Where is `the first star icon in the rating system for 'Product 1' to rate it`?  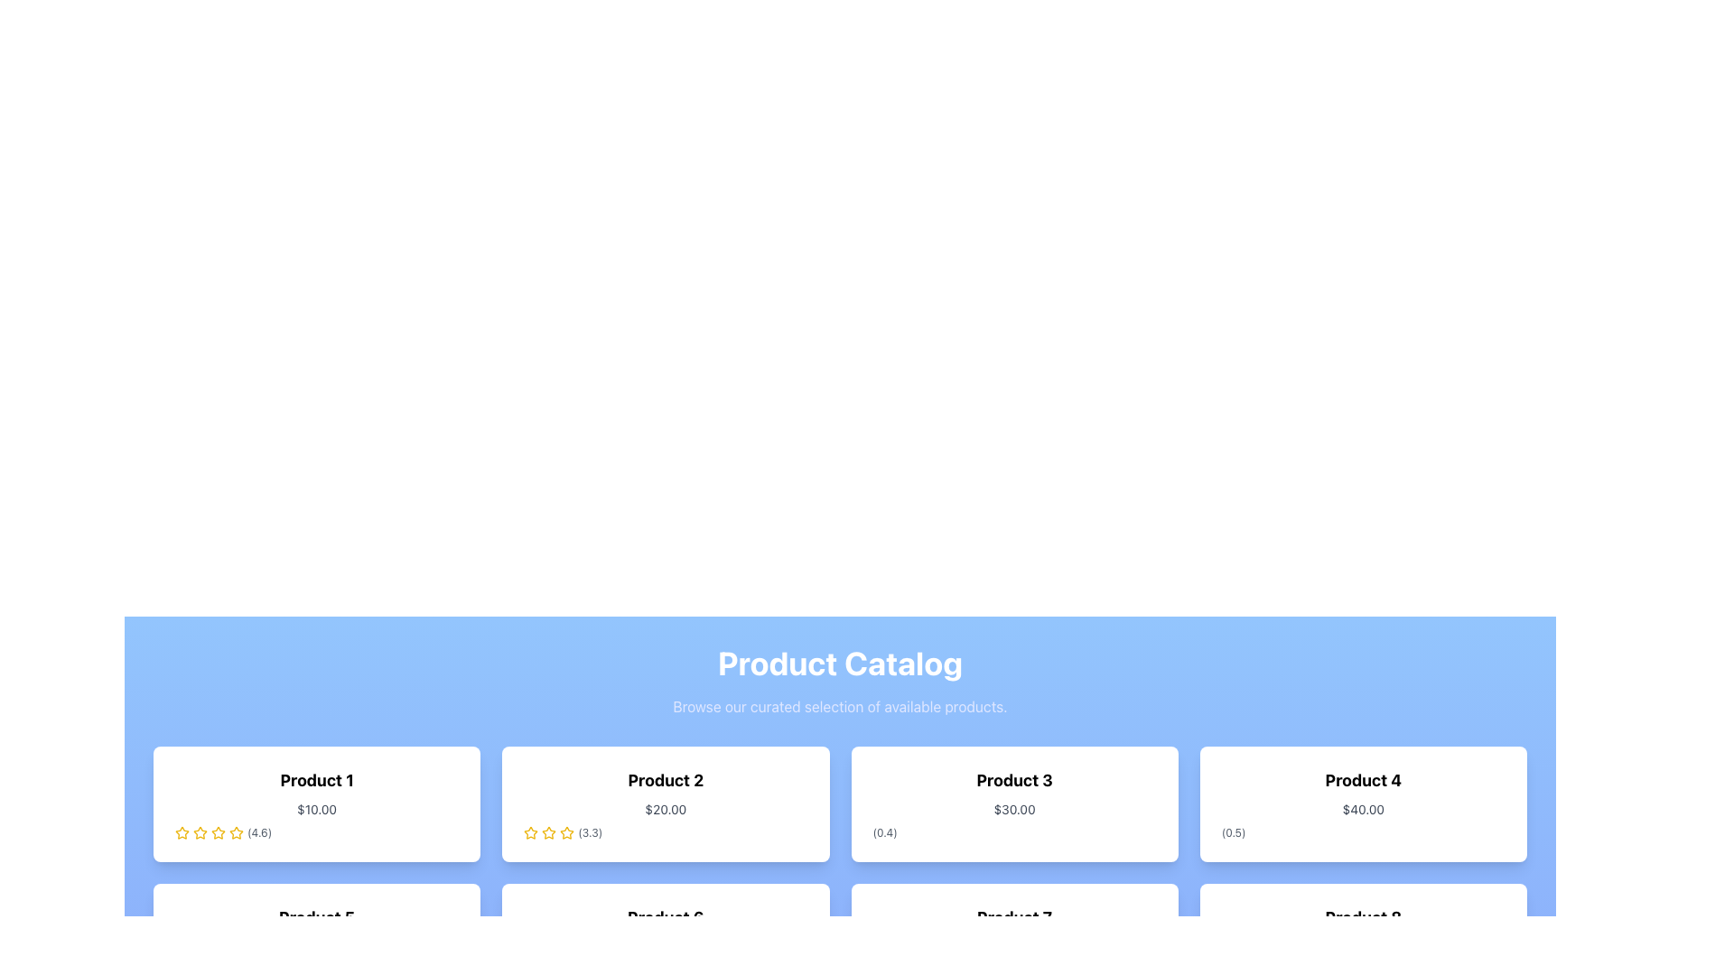 the first star icon in the rating system for 'Product 1' to rate it is located at coordinates (200, 832).